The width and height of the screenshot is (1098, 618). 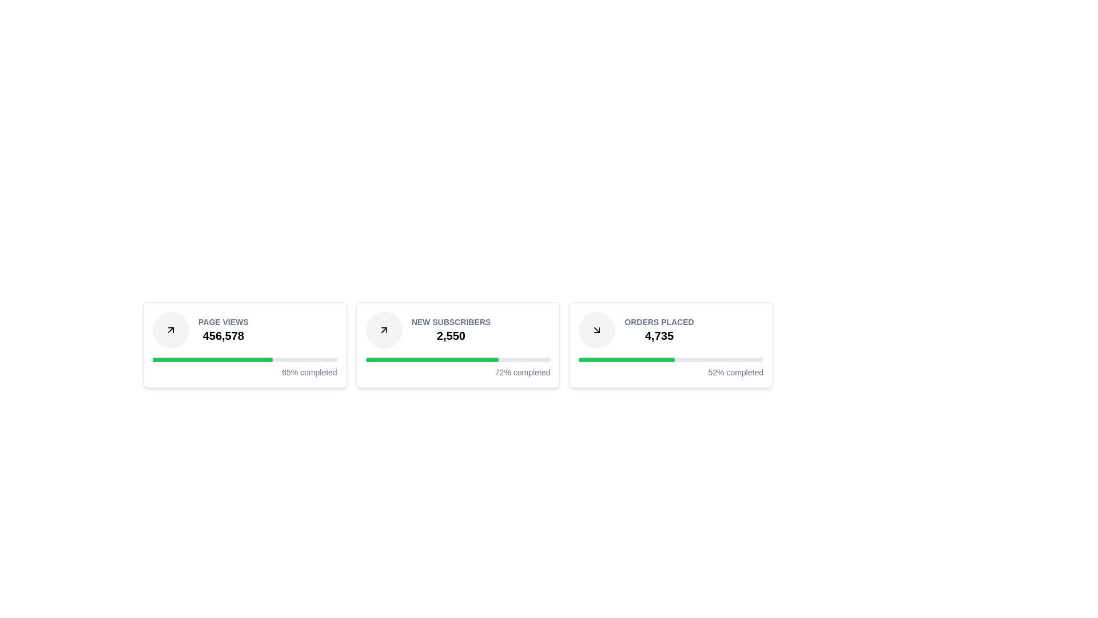 What do you see at coordinates (212, 359) in the screenshot?
I see `the green progress bar located within the leftmost card, positioned centrally below the 'Page Views' label` at bounding box center [212, 359].